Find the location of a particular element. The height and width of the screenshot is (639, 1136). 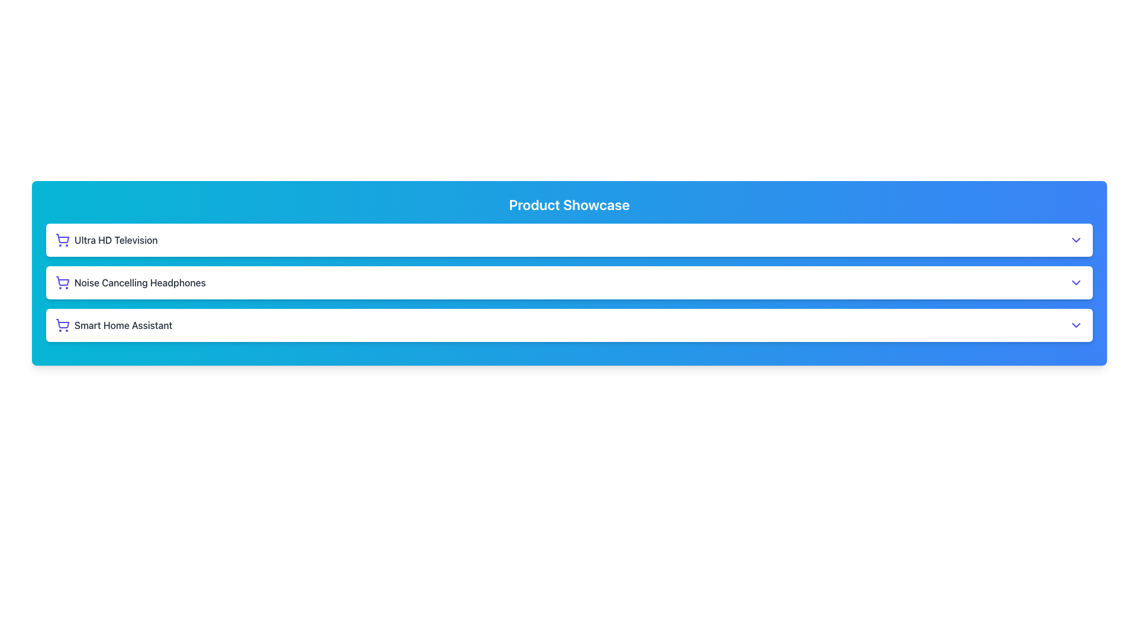

the label 'Smart Home Assistant' which is styled in a medium-weight font and dark gray color, located above further entries and below 'Noise Cancelling Headphones' in a vertical list is located at coordinates (114, 325).